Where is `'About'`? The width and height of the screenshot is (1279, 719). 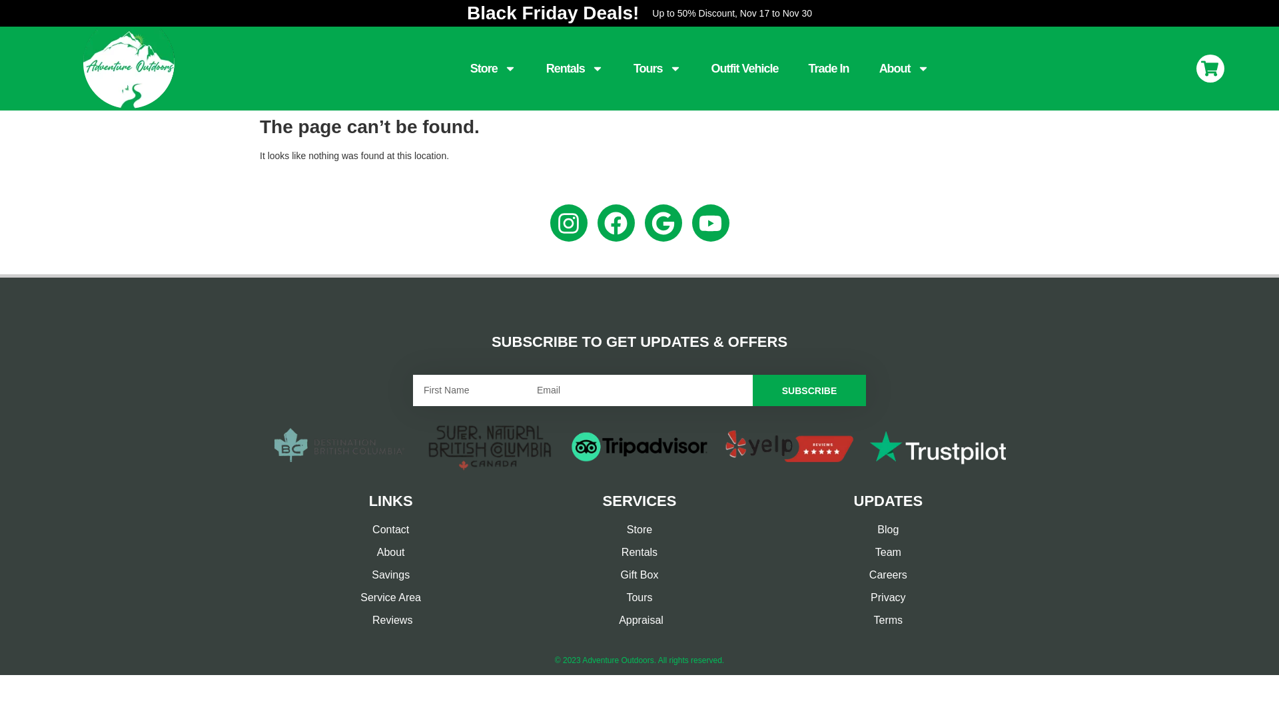
'About' is located at coordinates (904, 69).